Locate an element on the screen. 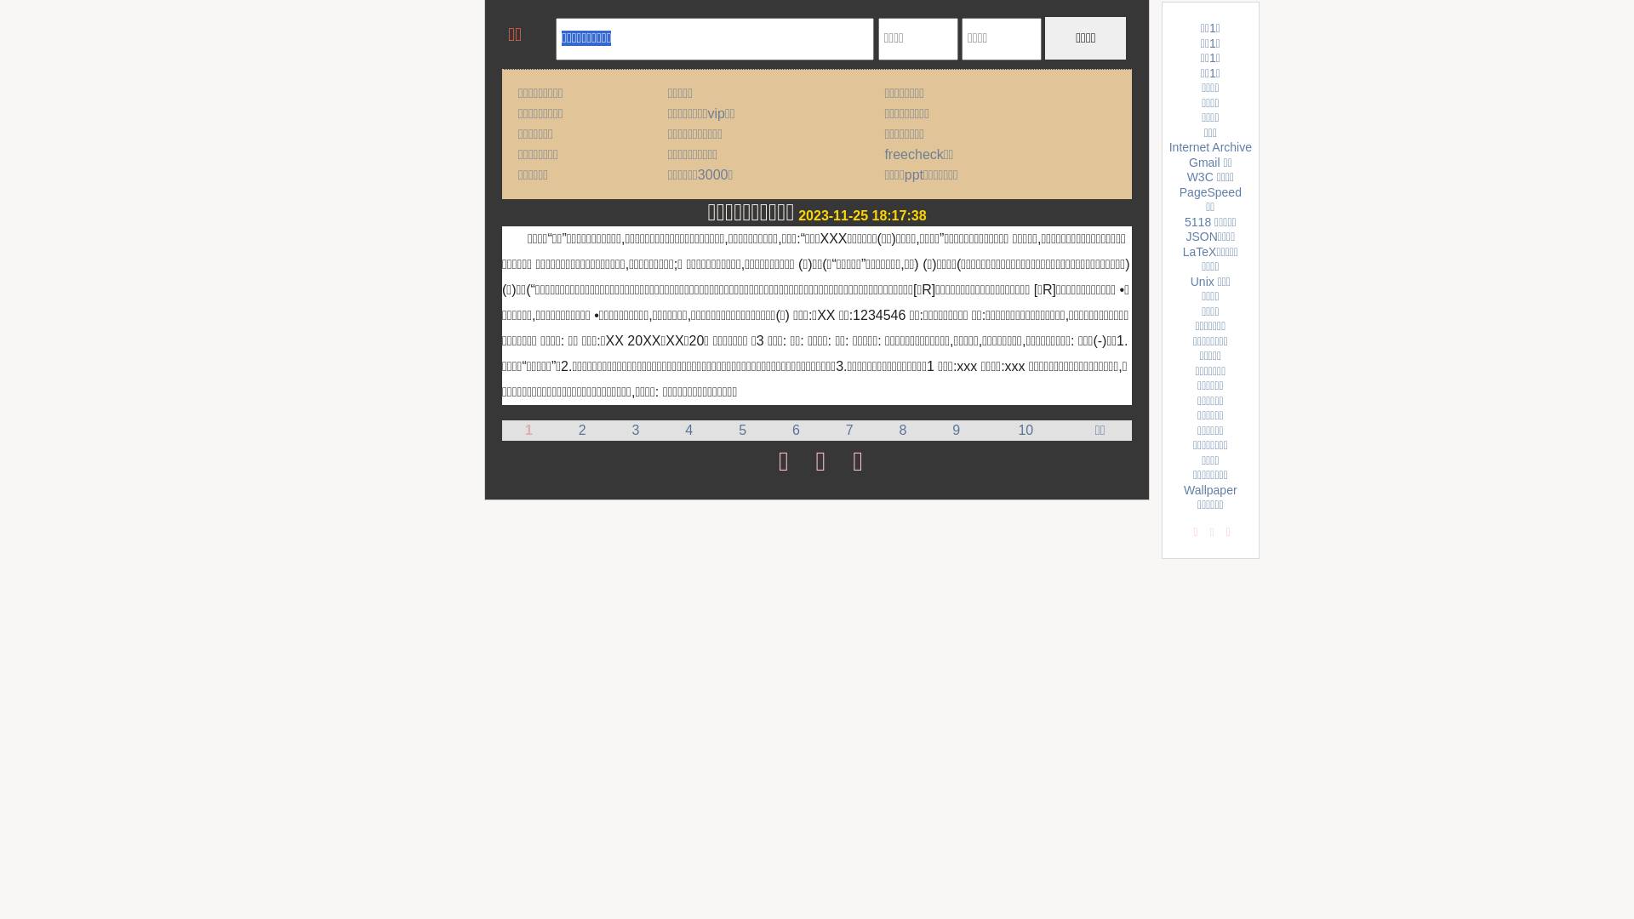  '4' is located at coordinates (685, 429).